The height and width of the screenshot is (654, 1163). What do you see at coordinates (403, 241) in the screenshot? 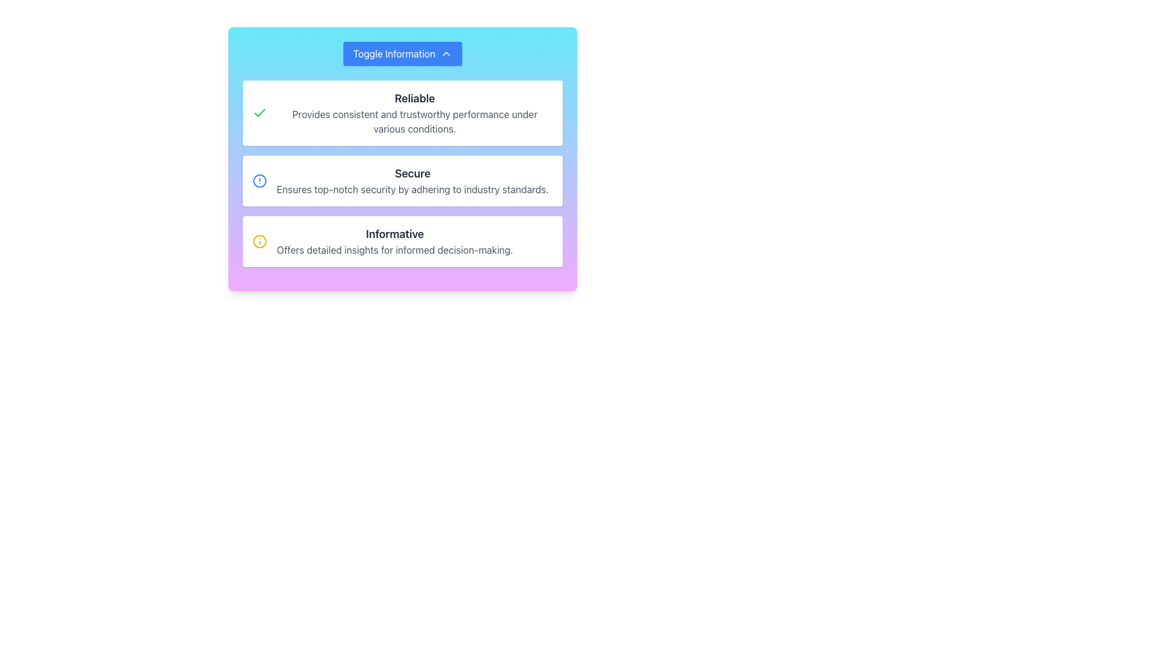
I see `the Information card, which is the third entry in a vertically stacked list located below the 'Secure' card` at bounding box center [403, 241].